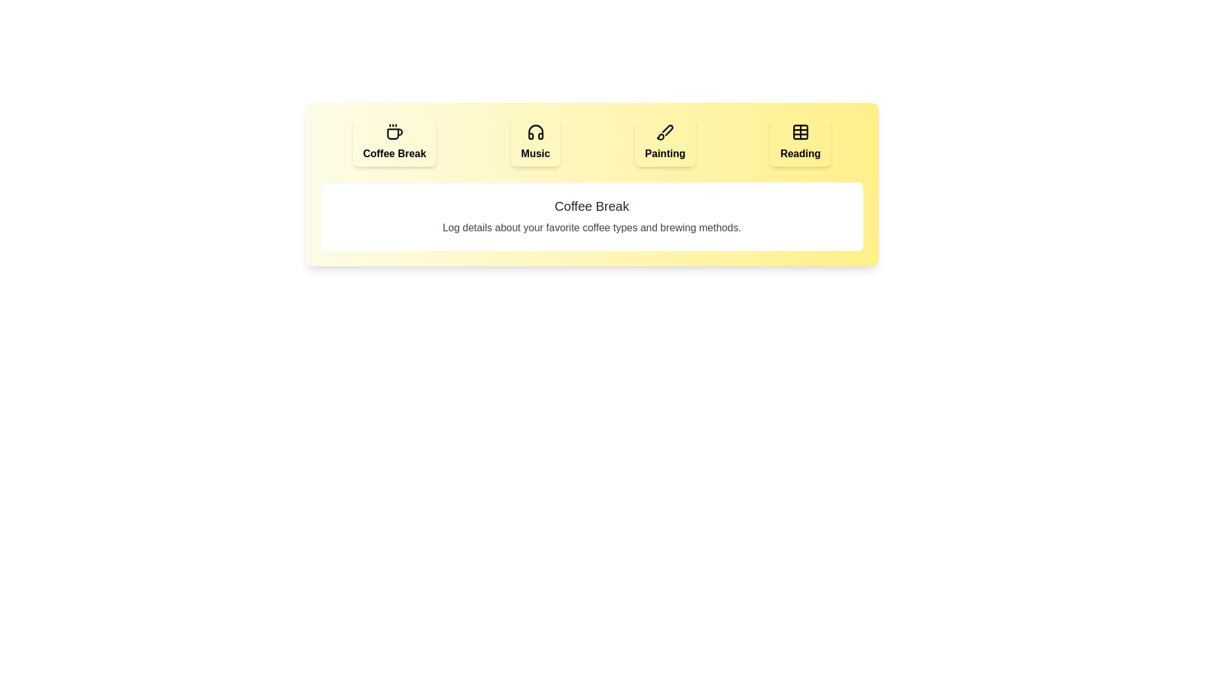 This screenshot has width=1228, height=690. I want to click on the table icon located within the 'Reading' button, so click(799, 132).